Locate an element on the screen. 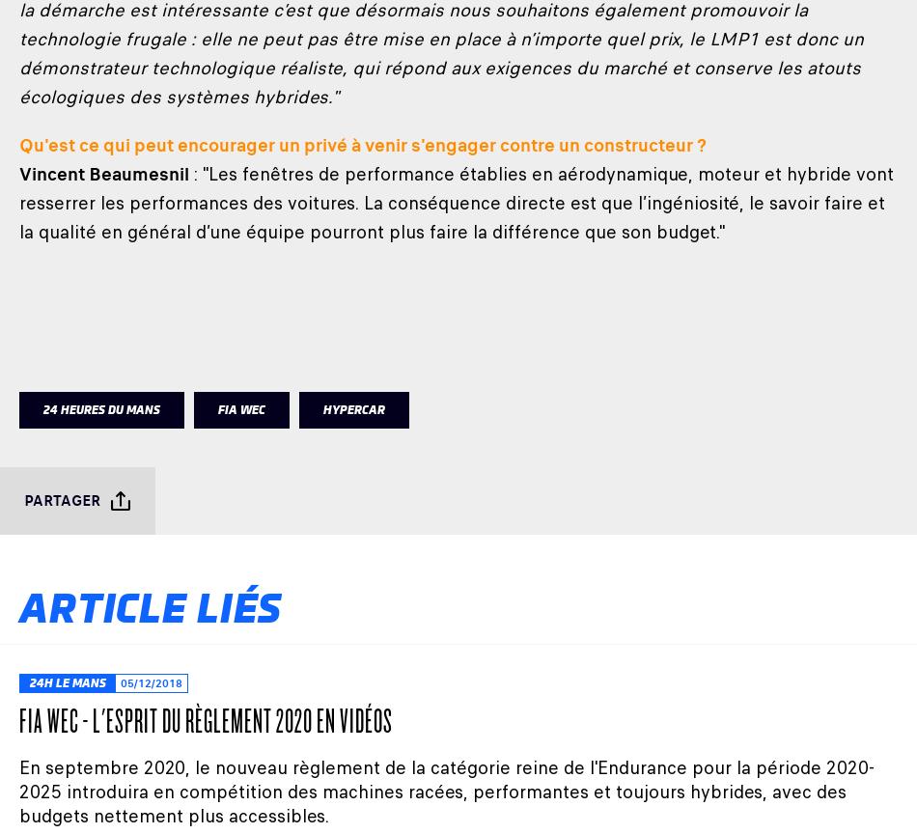  'FIA WEC - L'esprit du règlement 2020 en vidéos' is located at coordinates (19, 719).